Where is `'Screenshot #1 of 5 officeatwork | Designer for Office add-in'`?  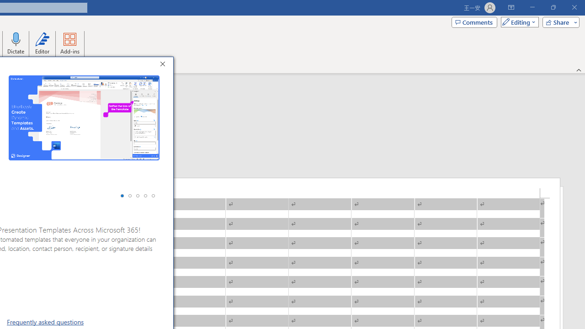 'Screenshot #1 of 5 officeatwork | Designer for Office add-in' is located at coordinates (84, 117).